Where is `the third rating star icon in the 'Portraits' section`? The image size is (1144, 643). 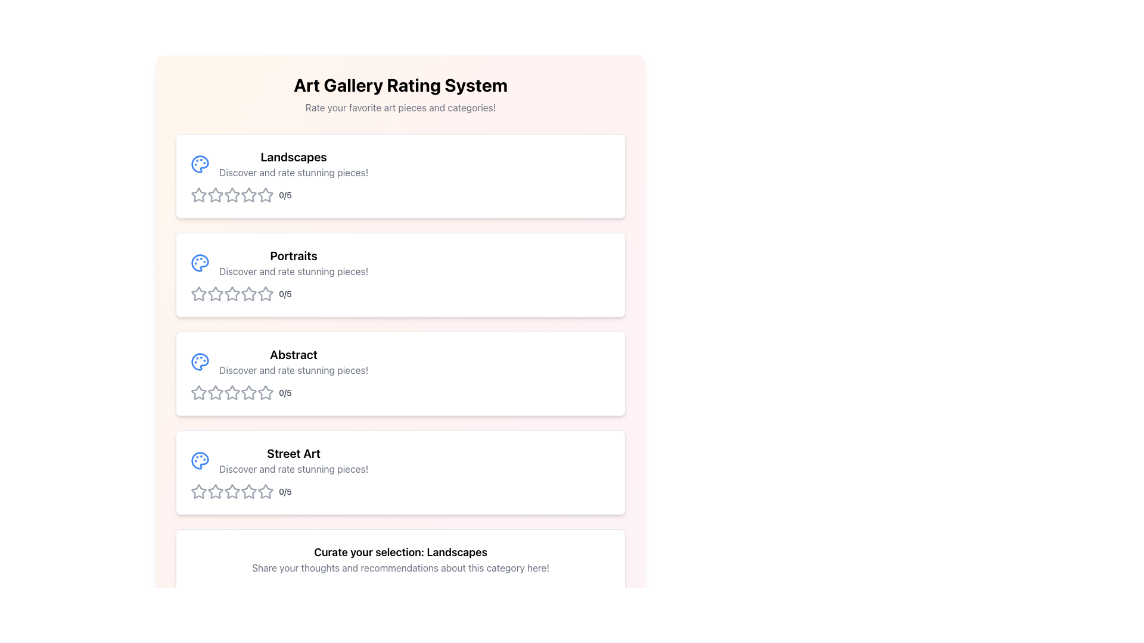 the third rating star icon in the 'Portraits' section is located at coordinates (248, 294).